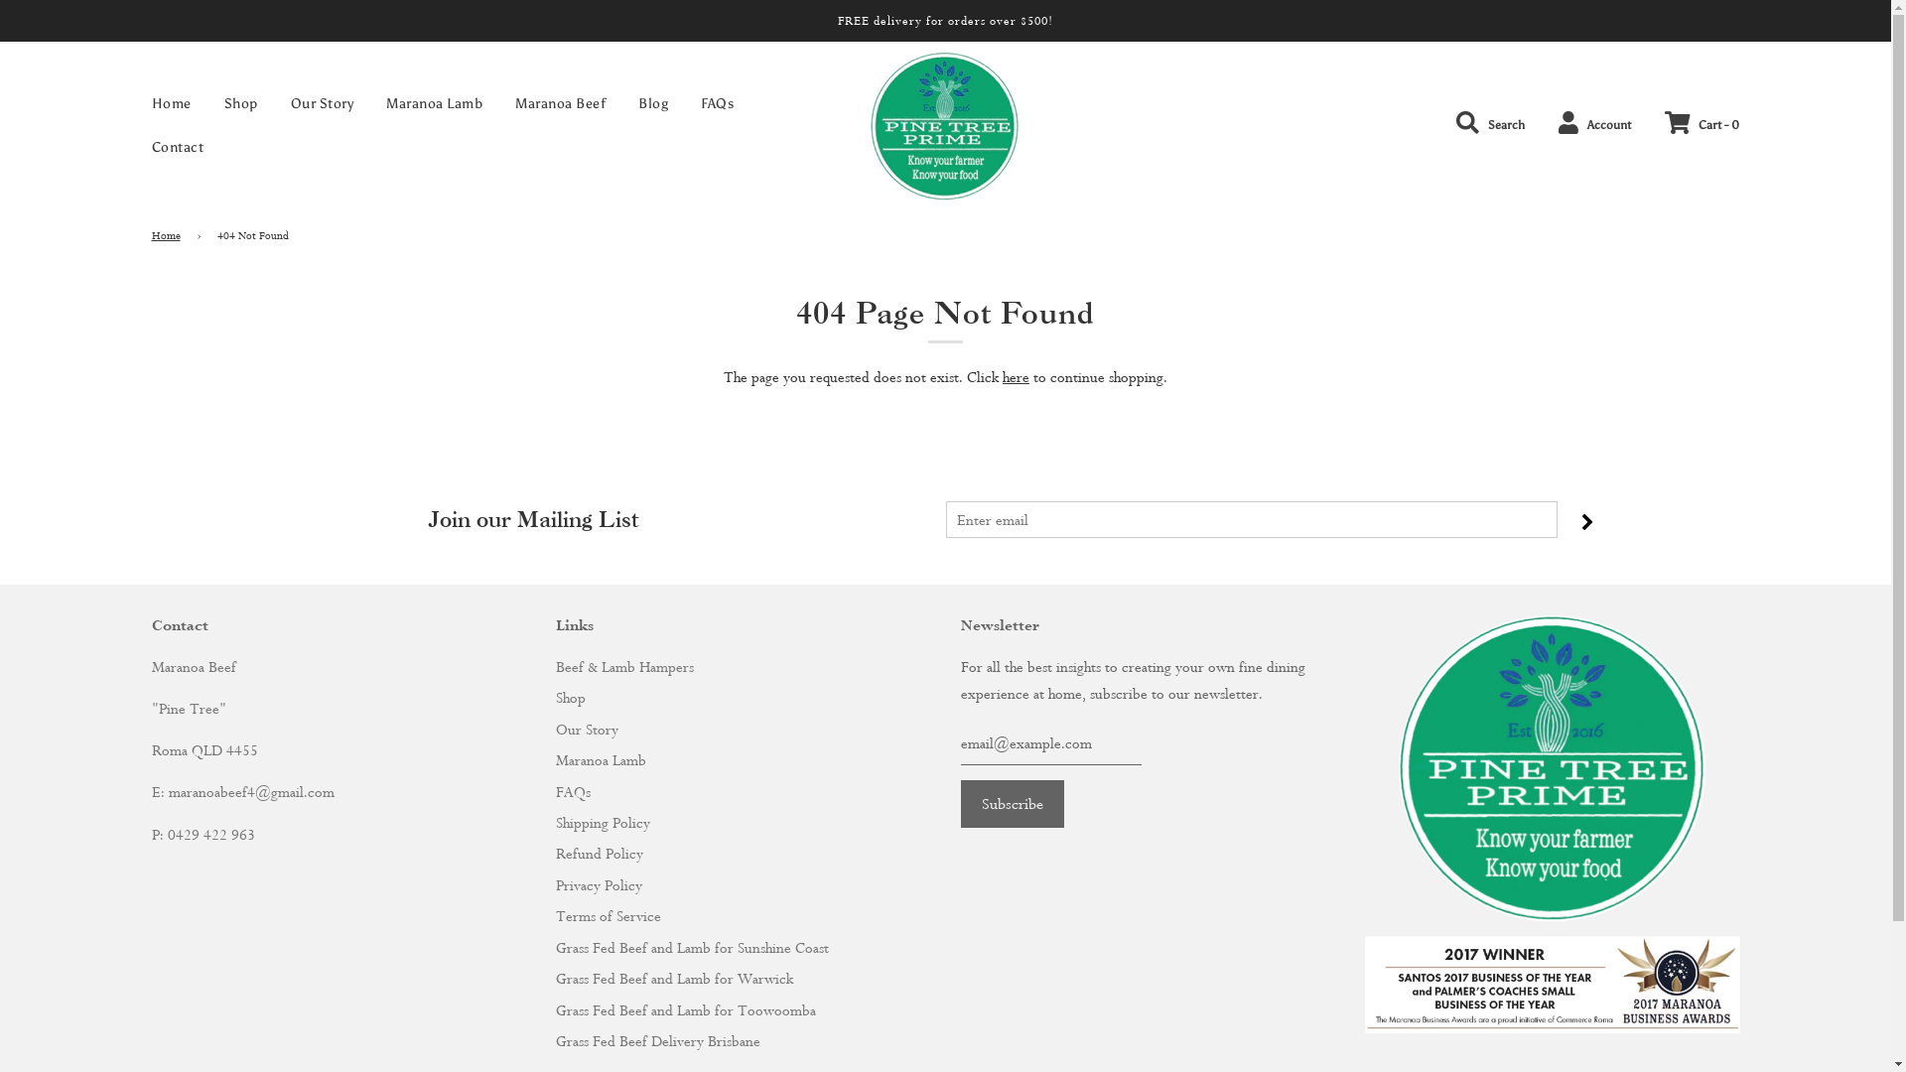  I want to click on 'Shop', so click(208, 103).